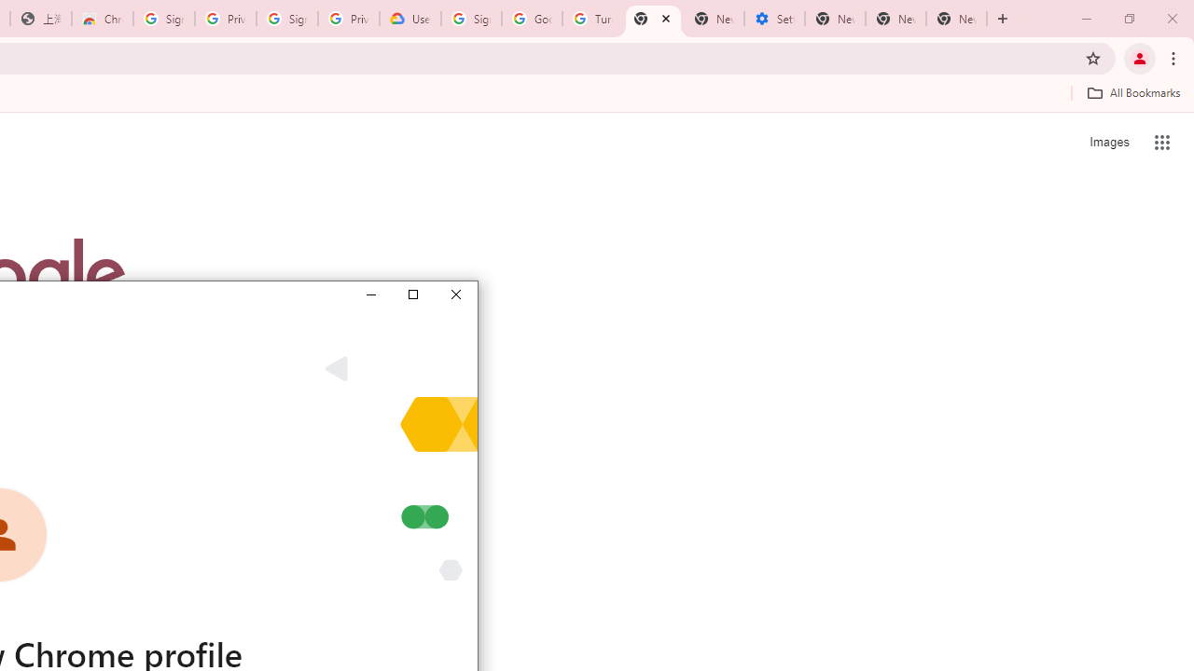 The height and width of the screenshot is (671, 1194). I want to click on 'New Tab', so click(956, 19).